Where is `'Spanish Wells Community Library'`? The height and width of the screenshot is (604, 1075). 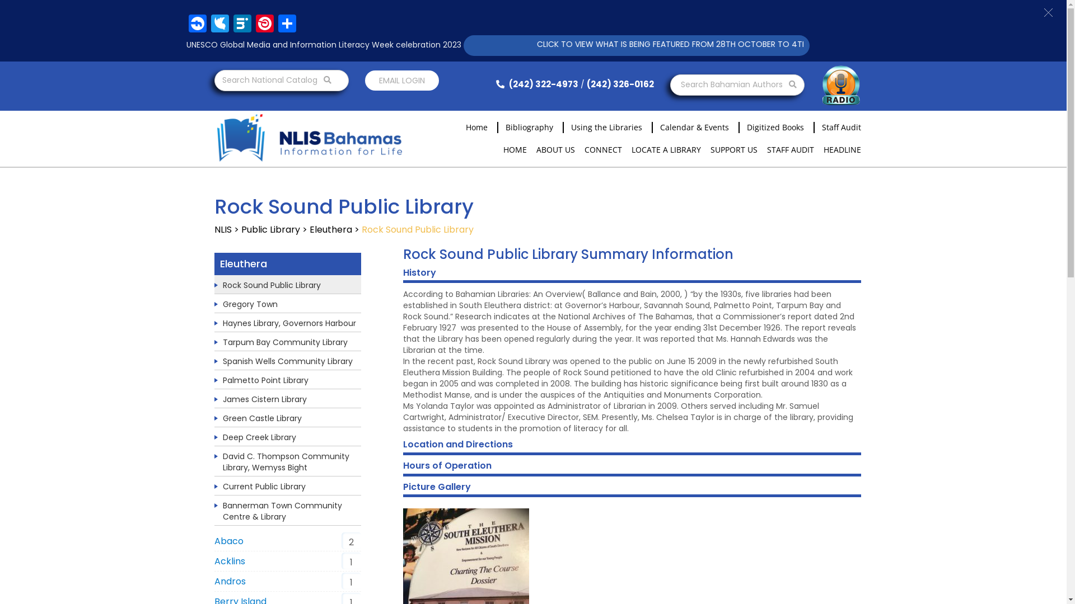 'Spanish Wells Community Library' is located at coordinates (223, 361).